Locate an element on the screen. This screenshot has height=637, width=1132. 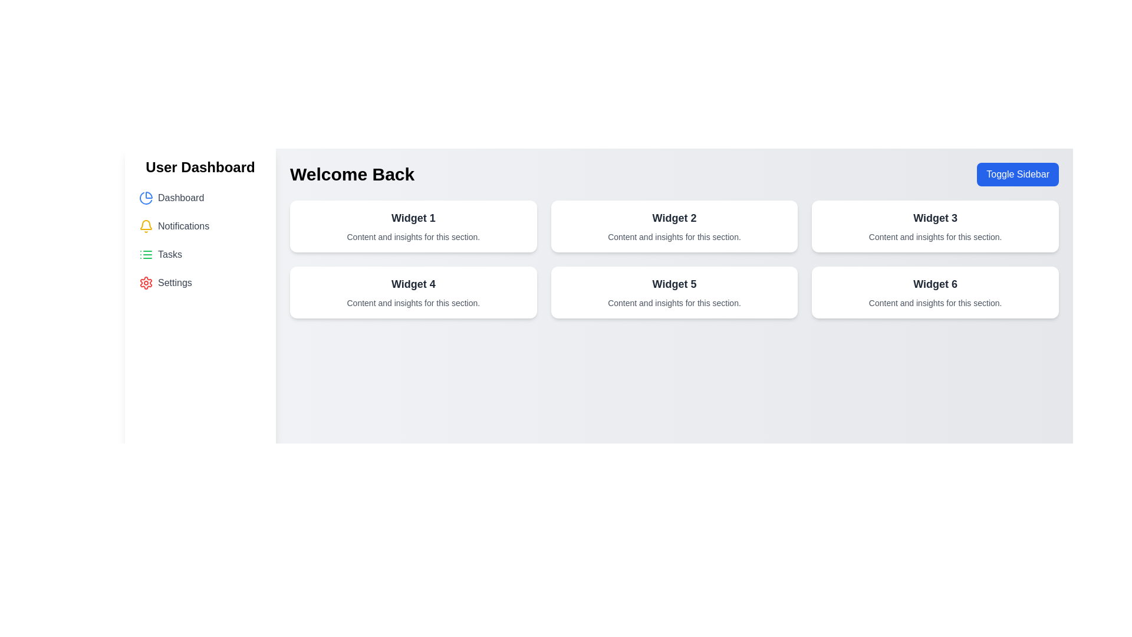
the notification icon, which is part of the notifications menu, indicating updates or alerts is located at coordinates (146, 225).